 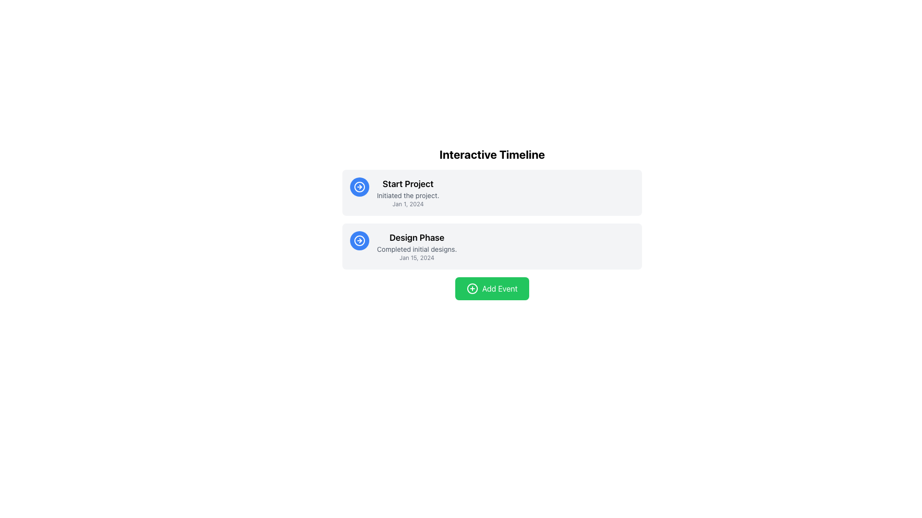 I want to click on text from the Text Element that contains 'Initiated the project.' which is located below the title 'Start Project', so click(x=408, y=195).